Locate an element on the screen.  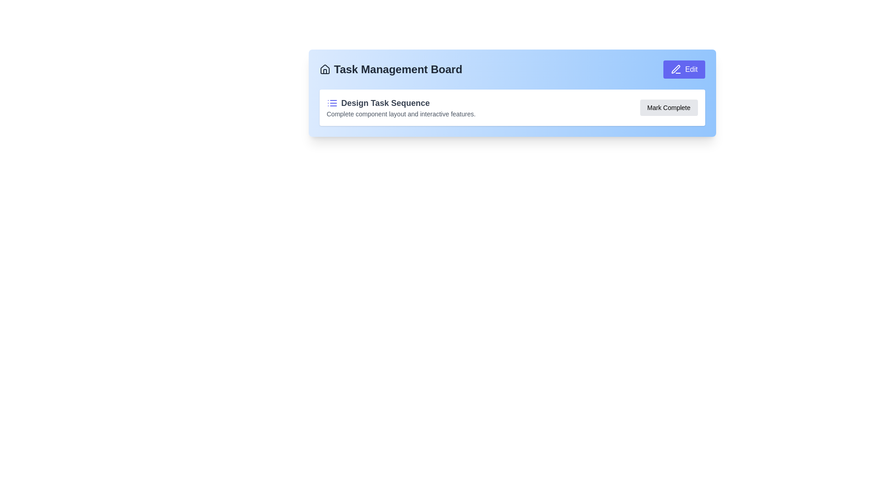
the door of the house icon represented by the vector graphic component within the SVG element, located near the bottom center of the house structure is located at coordinates (325, 71).